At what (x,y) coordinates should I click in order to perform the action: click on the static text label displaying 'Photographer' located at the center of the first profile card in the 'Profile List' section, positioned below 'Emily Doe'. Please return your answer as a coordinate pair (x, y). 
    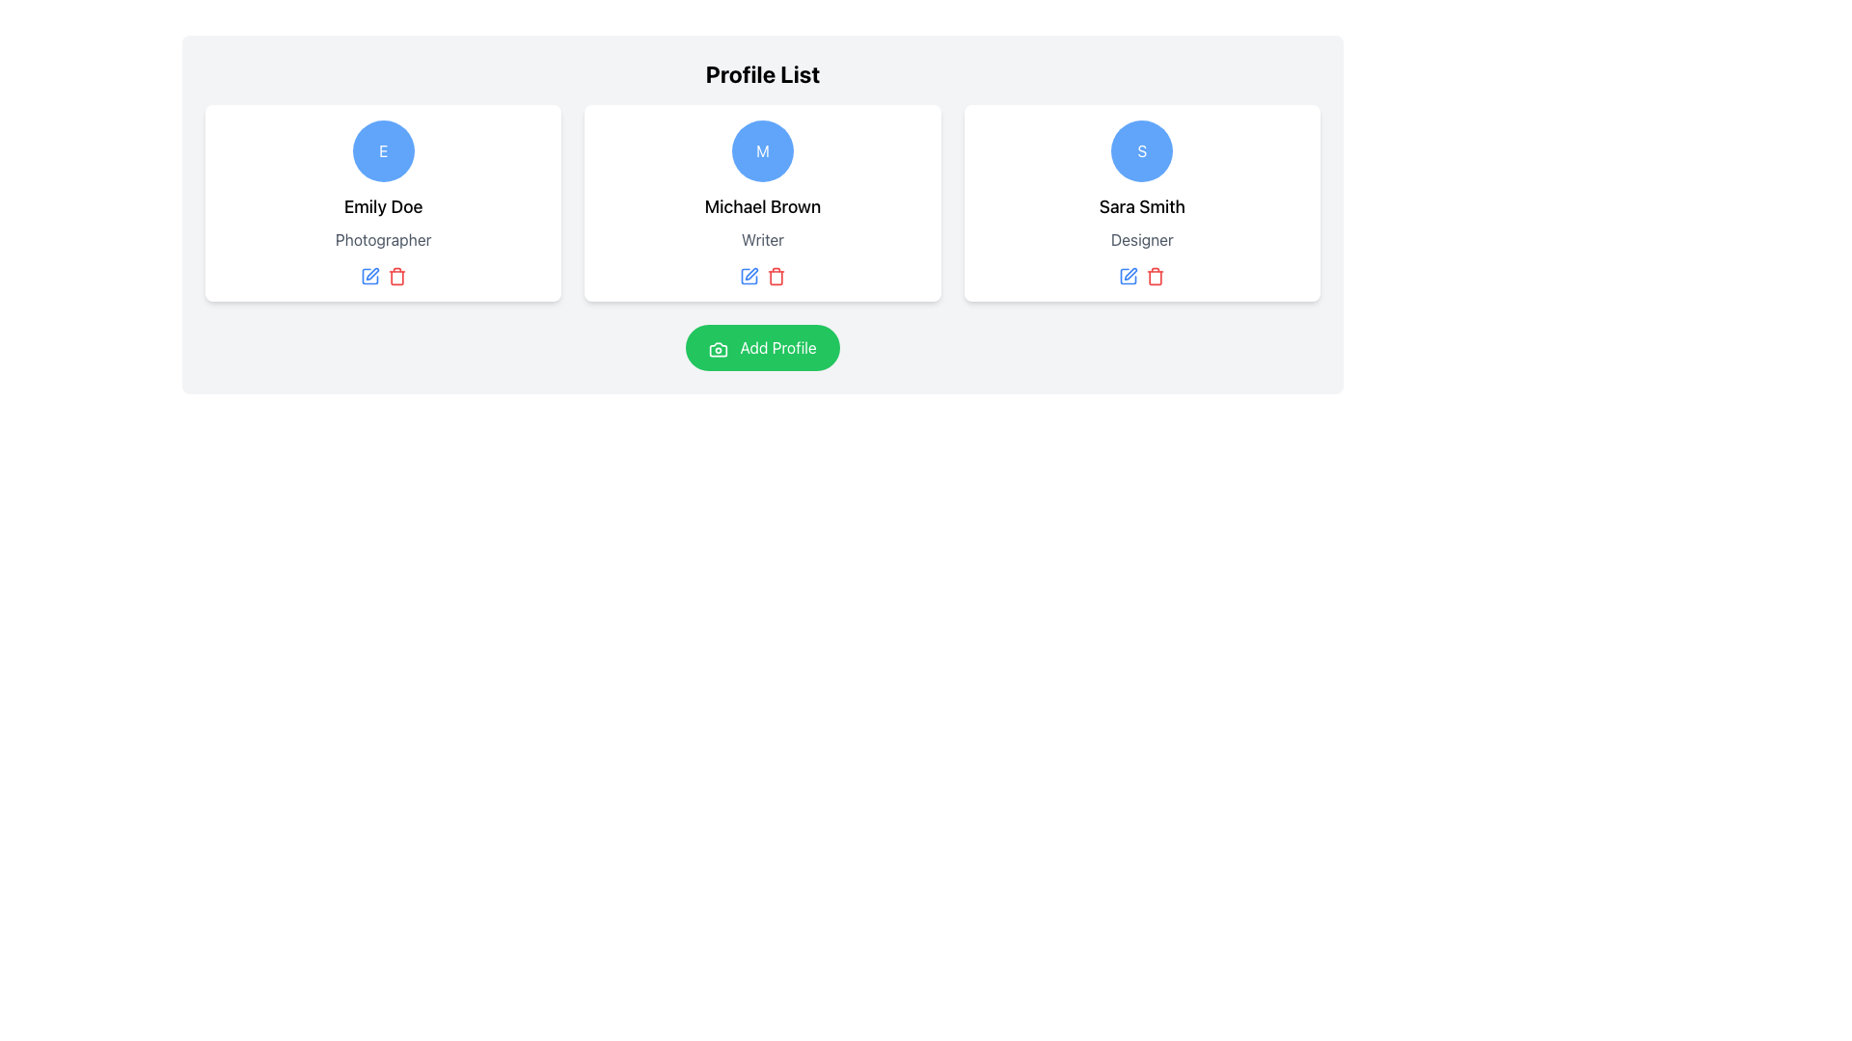
    Looking at the image, I should click on (383, 239).